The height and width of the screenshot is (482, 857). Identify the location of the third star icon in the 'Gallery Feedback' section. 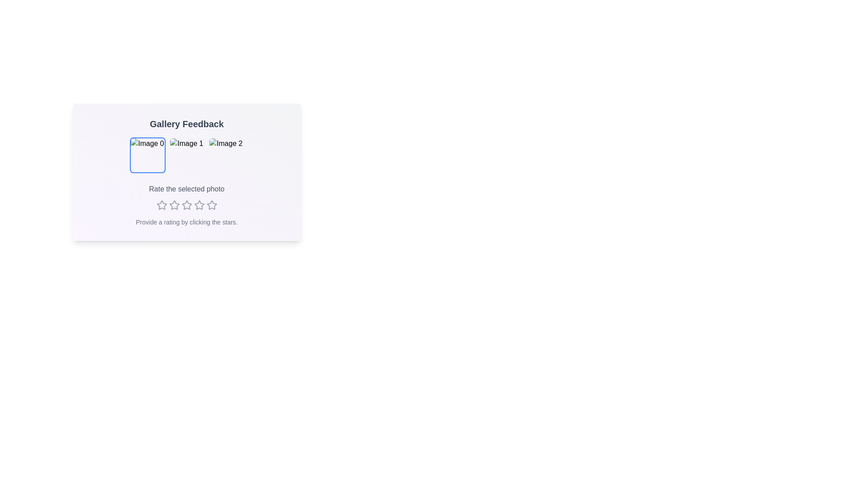
(174, 205).